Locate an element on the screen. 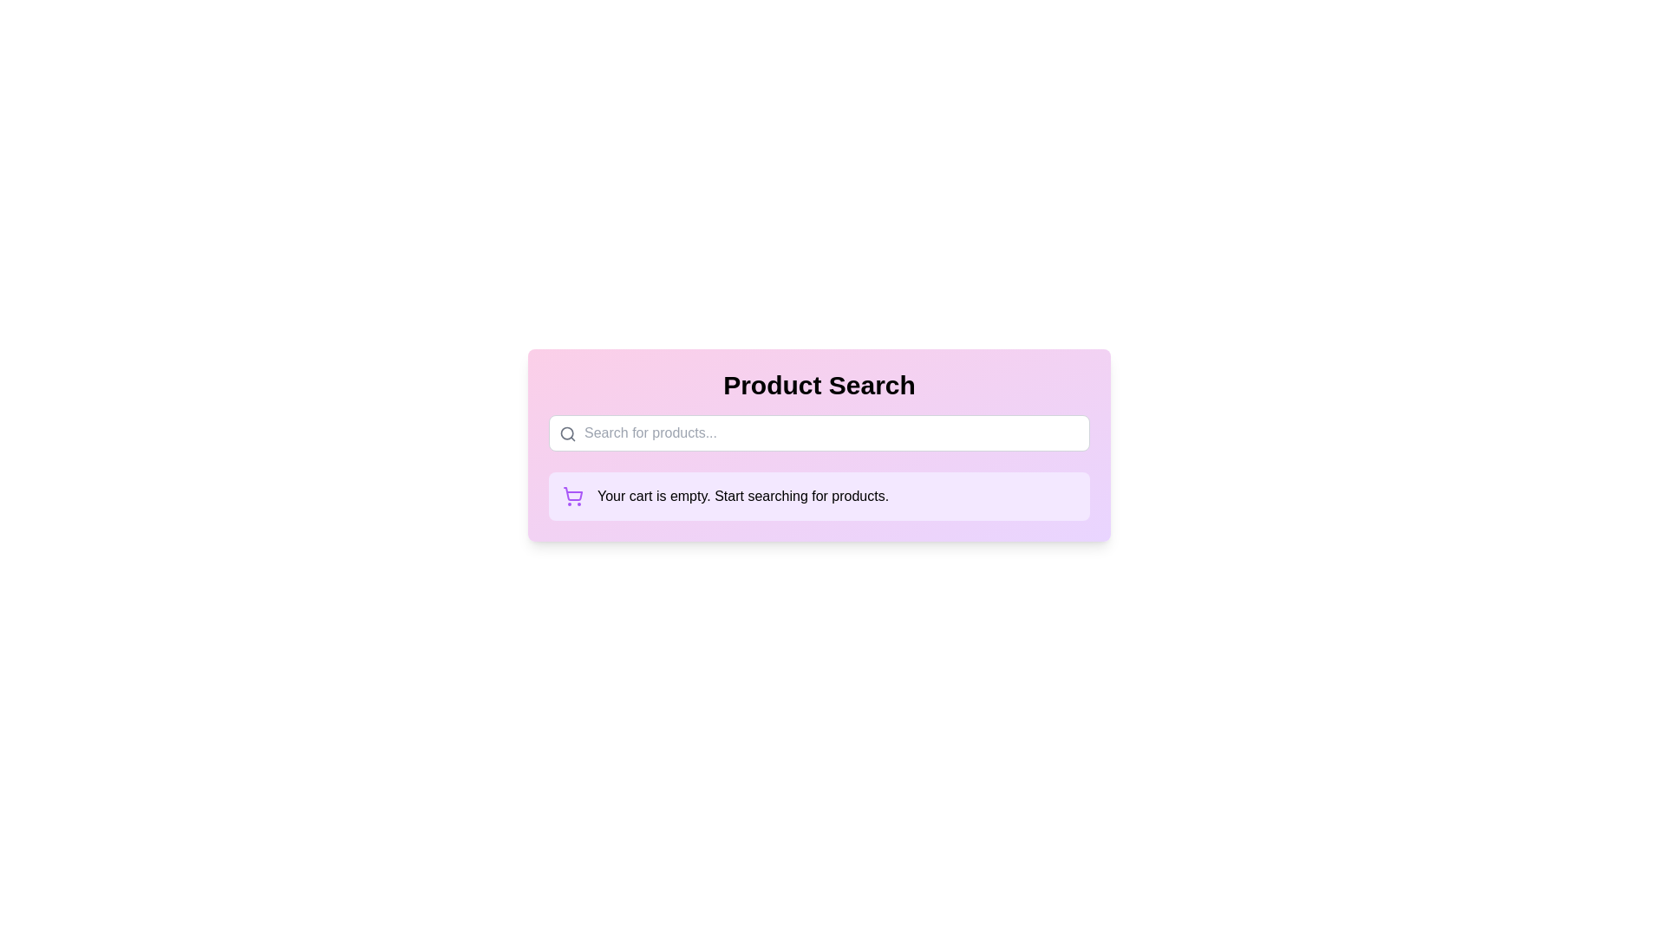 Image resolution: width=1665 pixels, height=936 pixels. the decorative shopping cart icon located on the left side of the text 'Your cart is empty. Start searching for products.' is located at coordinates (573, 494).